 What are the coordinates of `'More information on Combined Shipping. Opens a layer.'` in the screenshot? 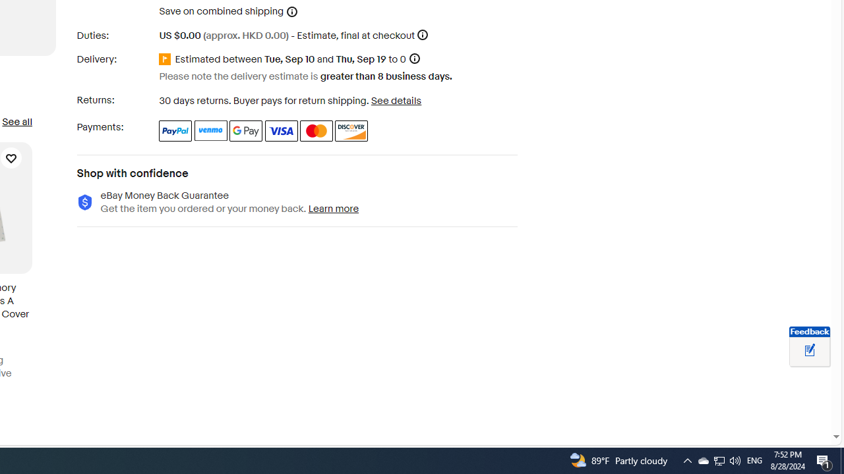 It's located at (291, 11).